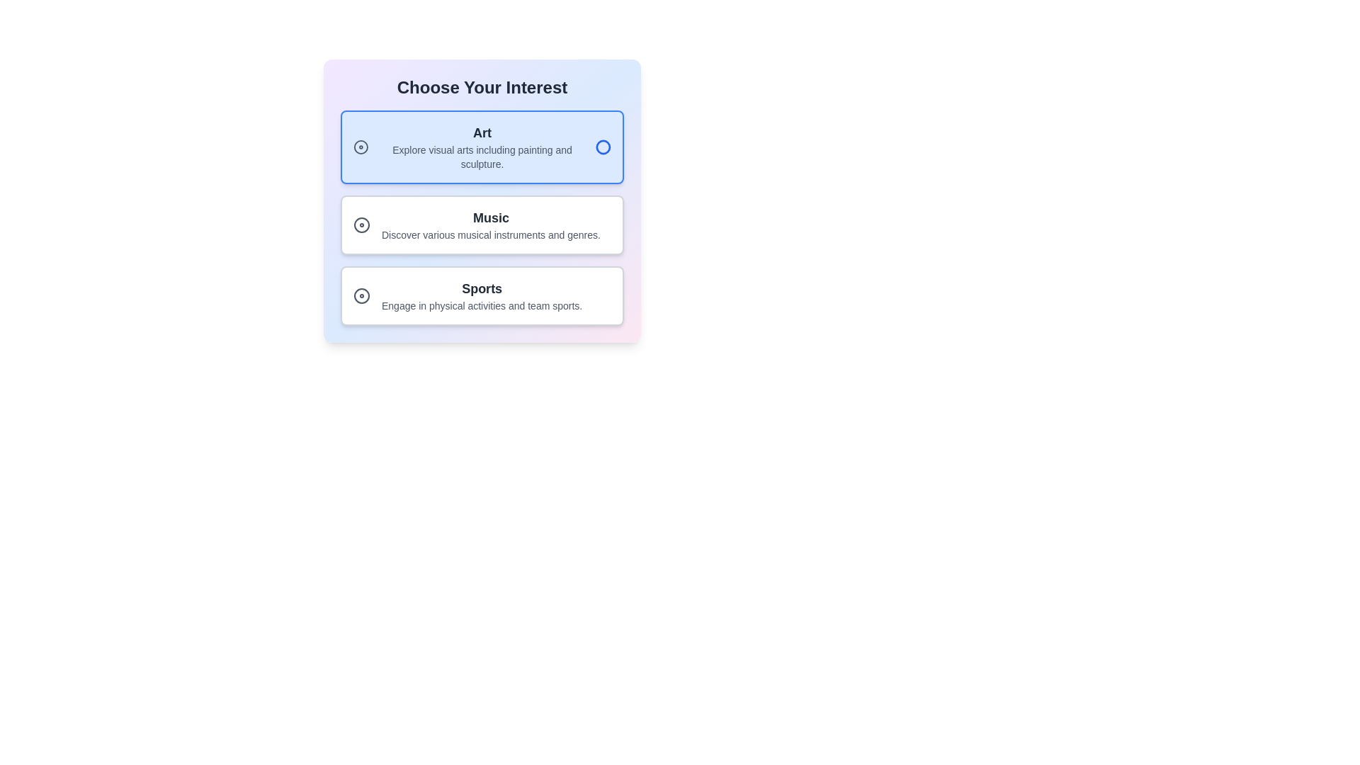  I want to click on the second option in the selectable list item titled 'Music', so click(482, 201).